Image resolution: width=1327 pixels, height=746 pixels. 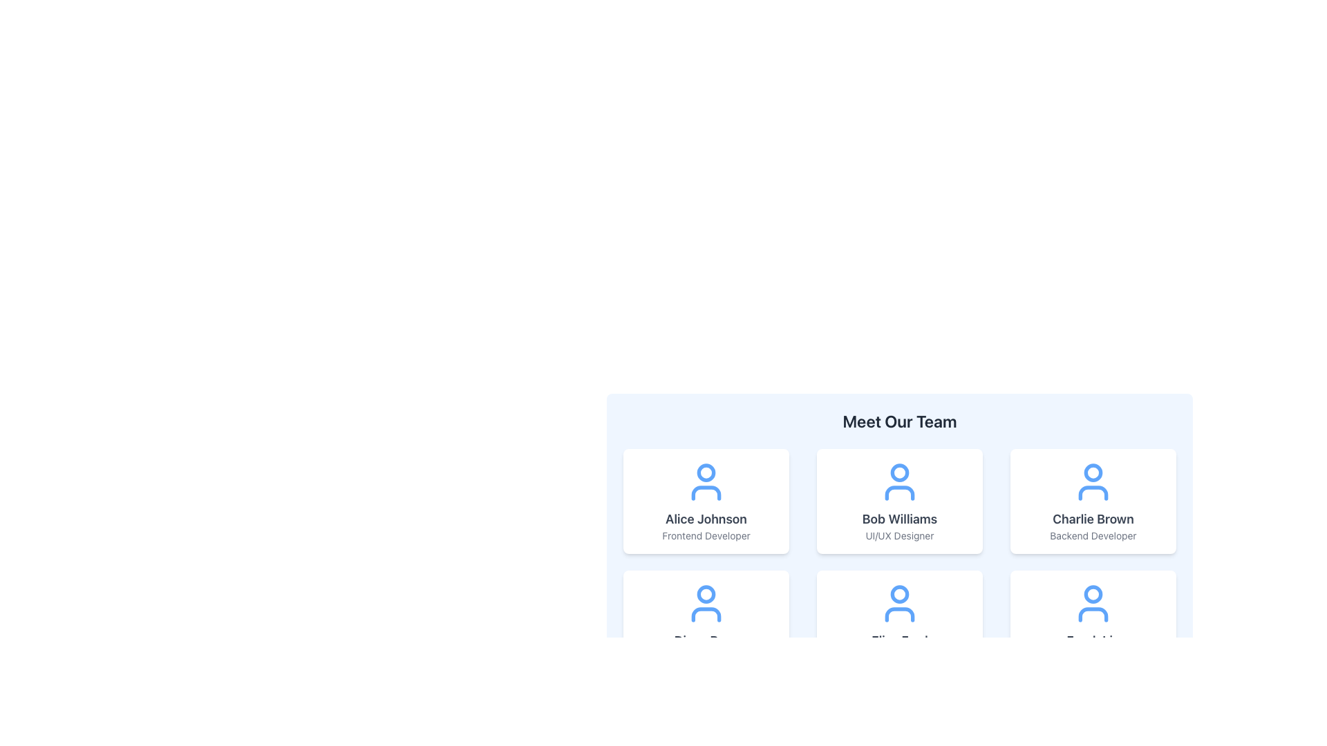 I want to click on the text label displaying 'Charlie Brown', which identifies the team member in the card positioned in the top row of the layout, so click(x=1093, y=519).